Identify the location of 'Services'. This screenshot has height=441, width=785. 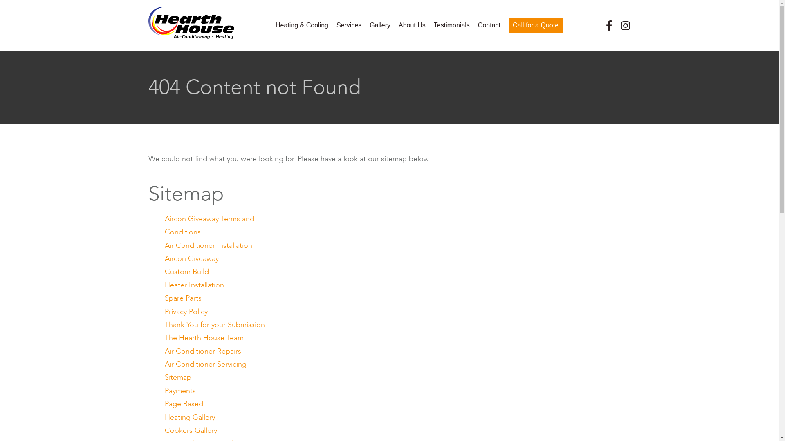
(349, 24).